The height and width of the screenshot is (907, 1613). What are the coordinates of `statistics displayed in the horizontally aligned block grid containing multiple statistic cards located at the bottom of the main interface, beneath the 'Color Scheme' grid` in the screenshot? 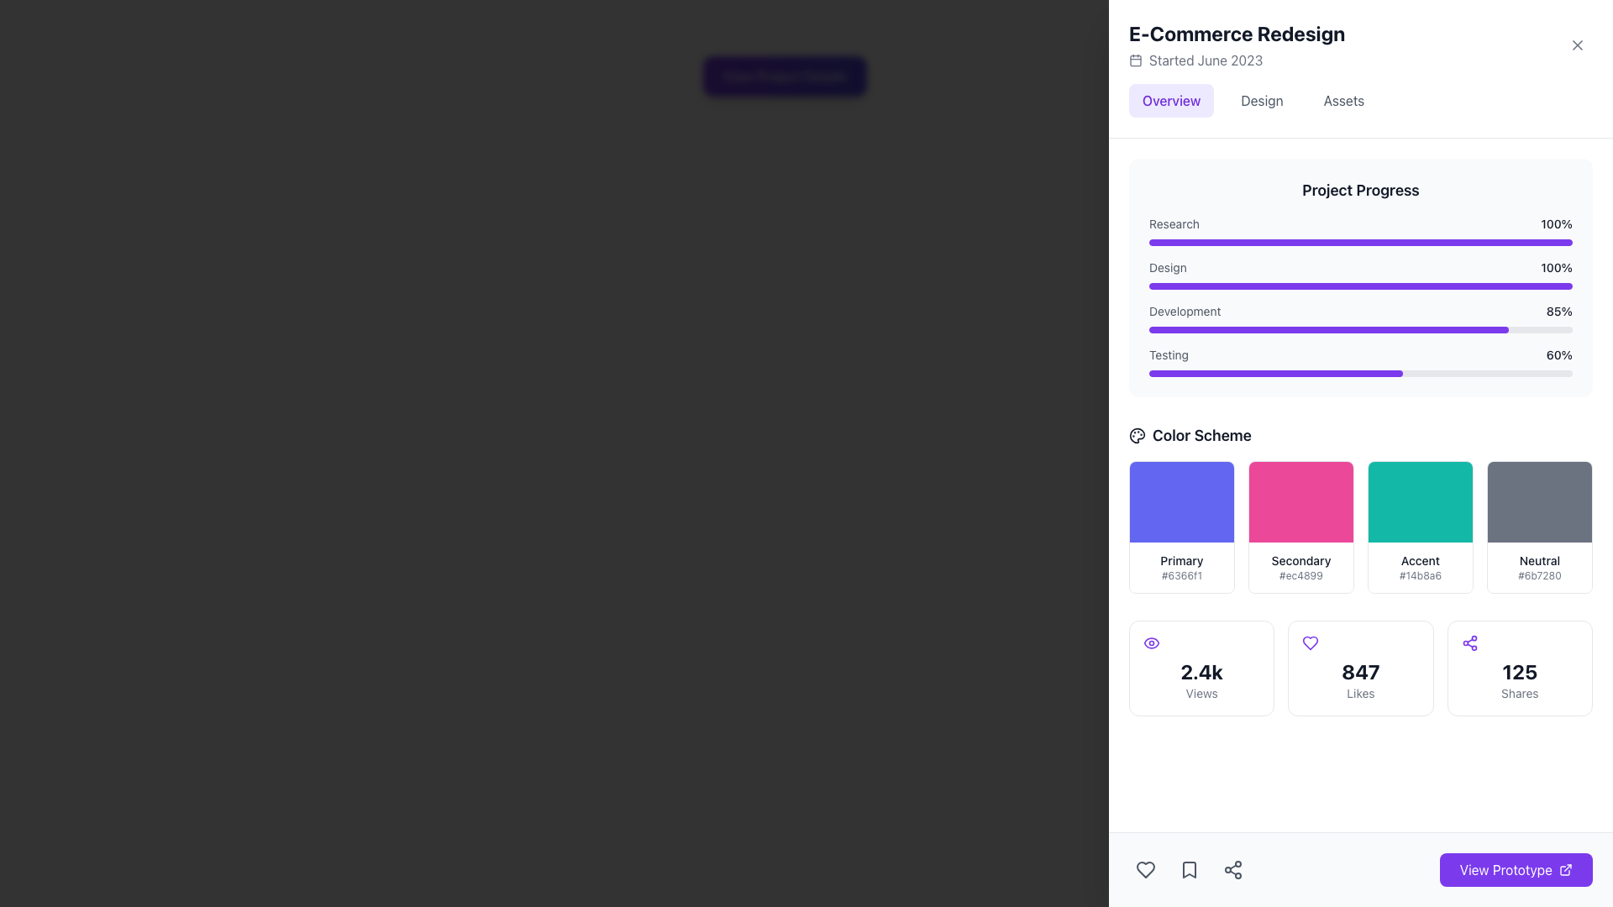 It's located at (1361, 667).